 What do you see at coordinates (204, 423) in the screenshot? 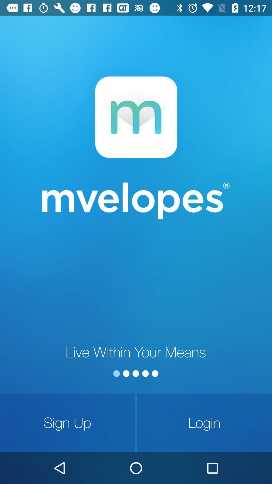
I see `the item to the right of the sign up` at bounding box center [204, 423].